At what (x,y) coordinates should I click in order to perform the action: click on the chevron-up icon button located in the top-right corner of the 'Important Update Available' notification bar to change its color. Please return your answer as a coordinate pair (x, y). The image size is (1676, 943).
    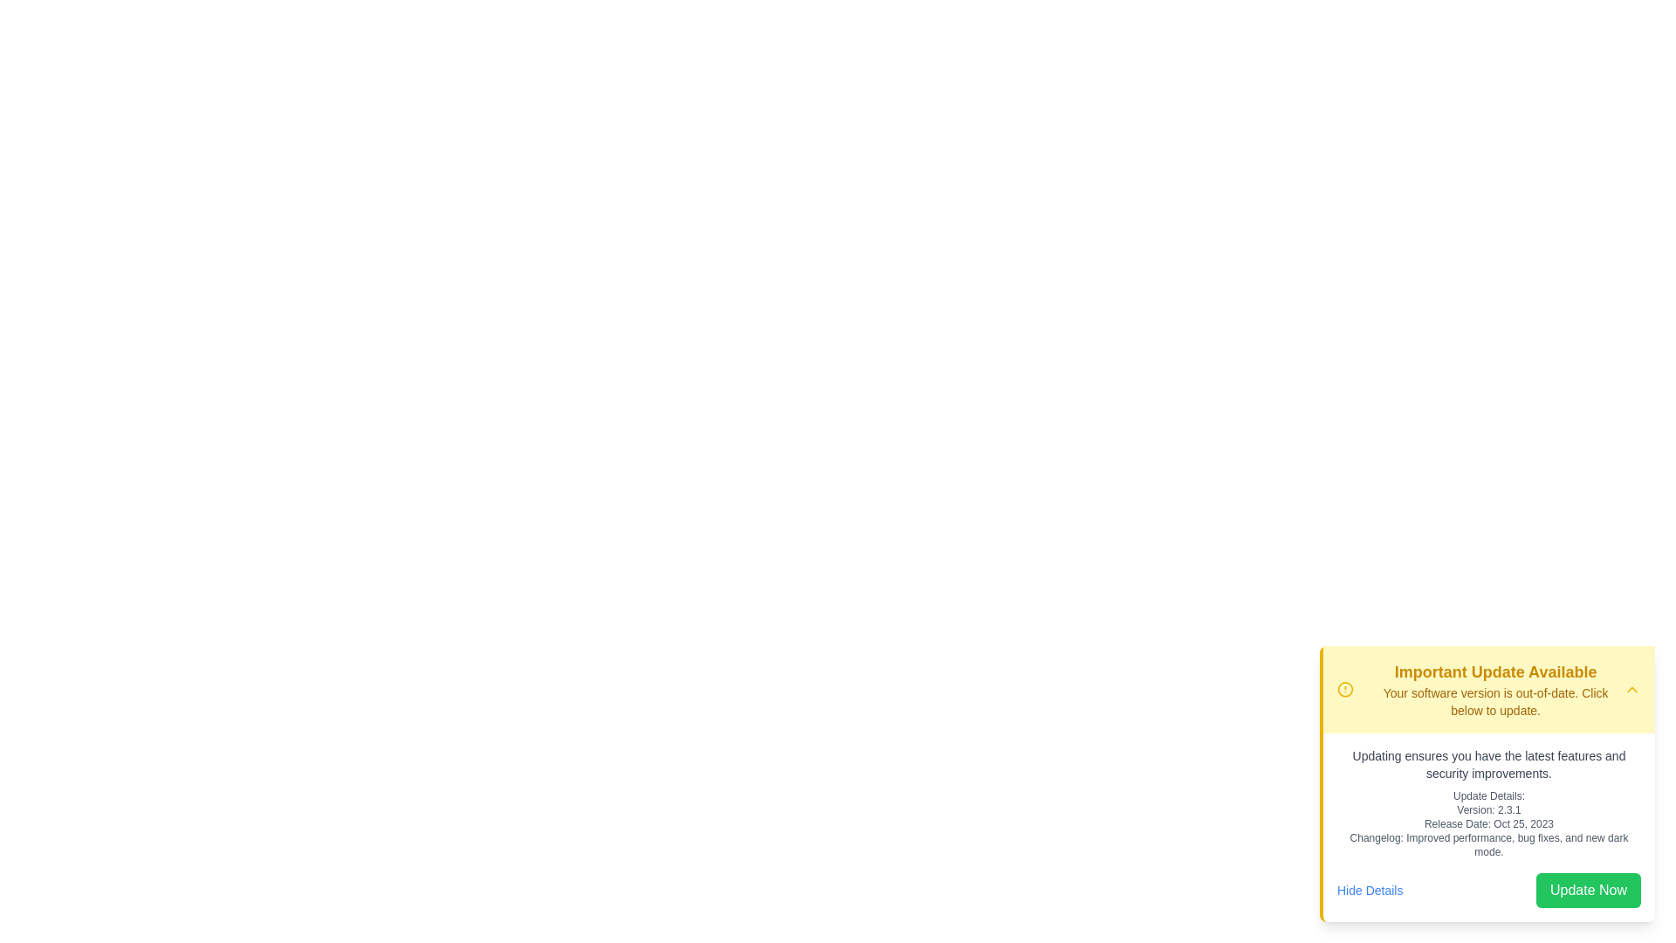
    Looking at the image, I should click on (1631, 689).